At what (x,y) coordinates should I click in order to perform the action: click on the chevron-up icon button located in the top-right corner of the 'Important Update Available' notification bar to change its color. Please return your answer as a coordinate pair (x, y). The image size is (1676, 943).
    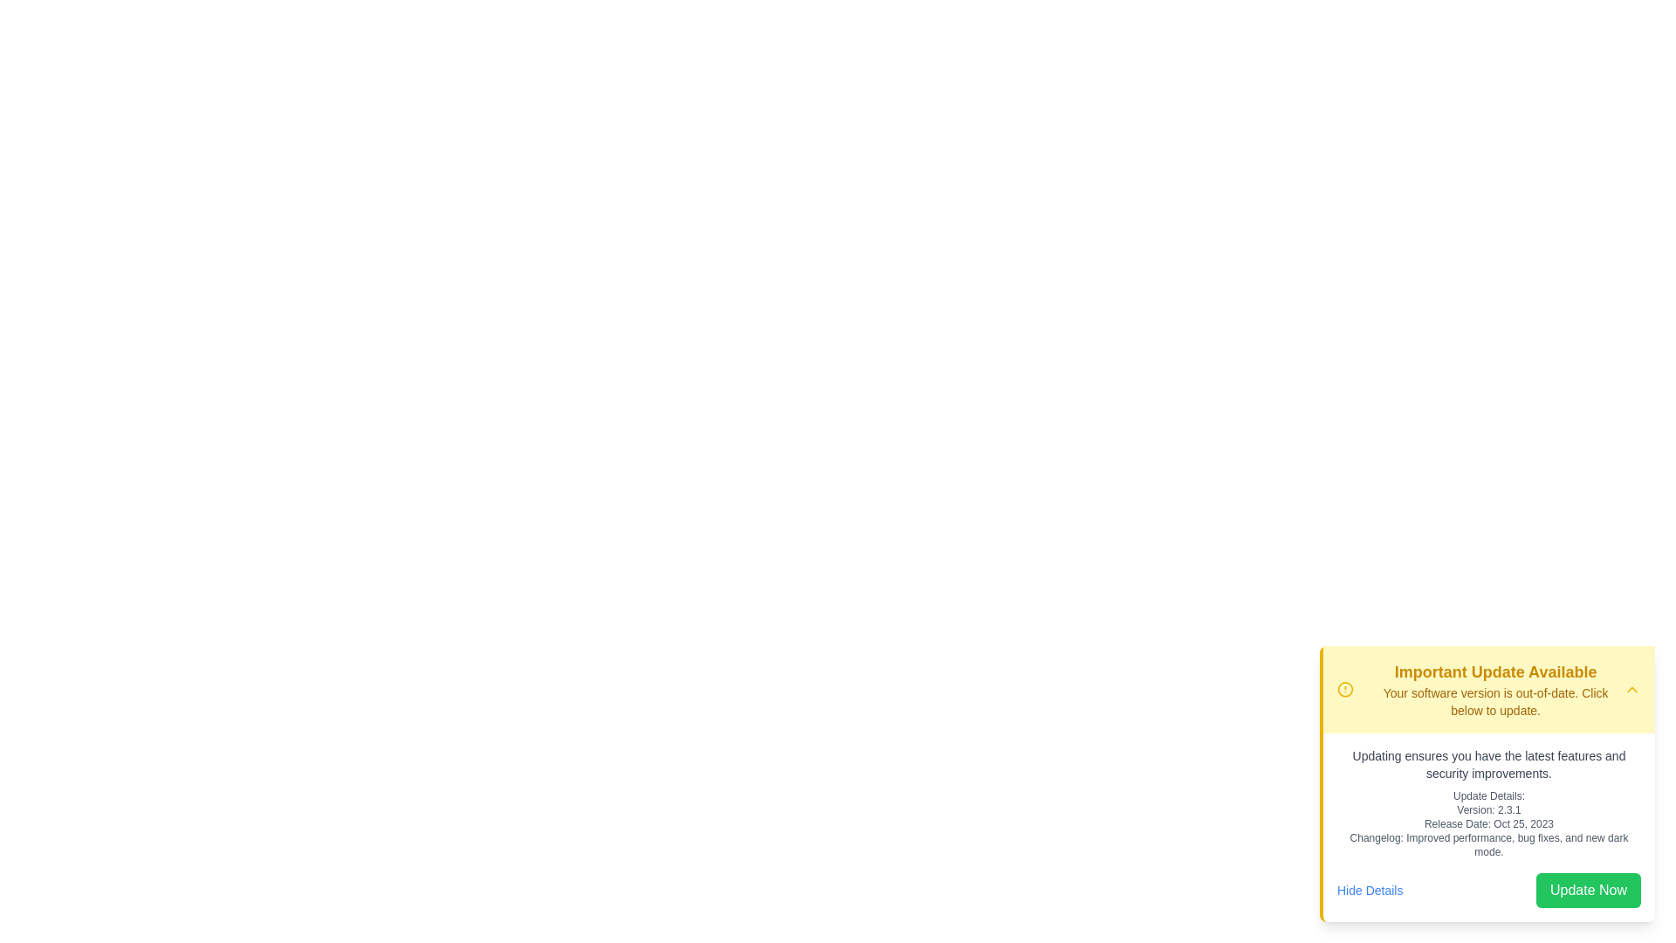
    Looking at the image, I should click on (1631, 689).